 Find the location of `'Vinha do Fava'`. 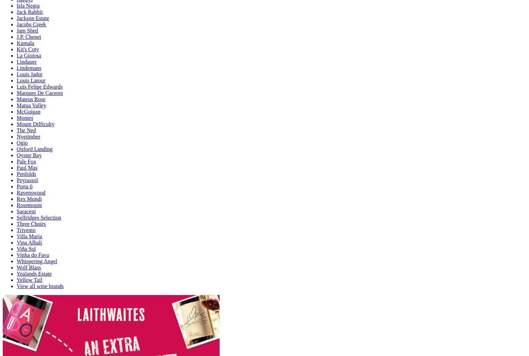

'Vinha do Fava' is located at coordinates (33, 254).